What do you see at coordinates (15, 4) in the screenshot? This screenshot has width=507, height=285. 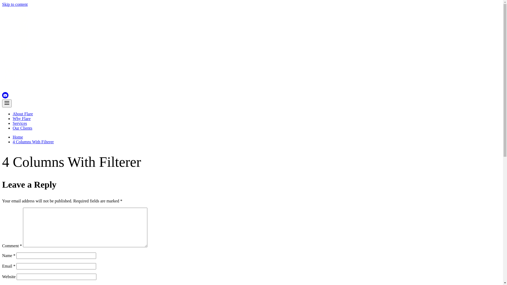 I see `'Skip to content'` at bounding box center [15, 4].